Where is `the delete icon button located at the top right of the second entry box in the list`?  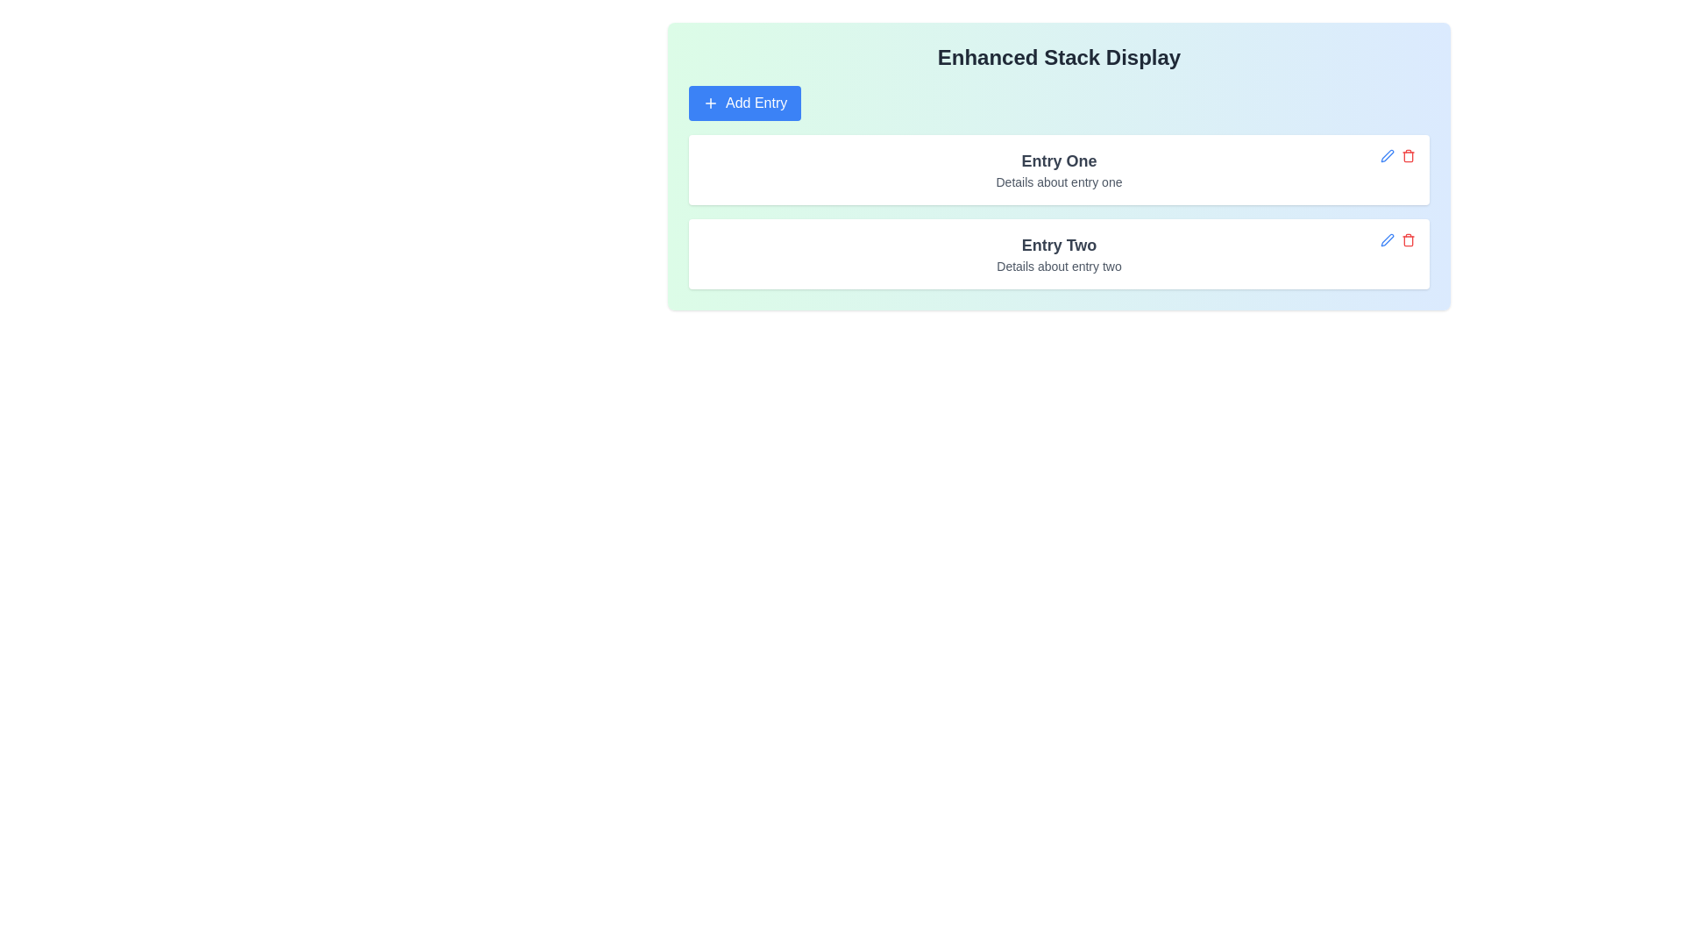
the delete icon button located at the top right of the second entry box in the list is located at coordinates (1409, 239).